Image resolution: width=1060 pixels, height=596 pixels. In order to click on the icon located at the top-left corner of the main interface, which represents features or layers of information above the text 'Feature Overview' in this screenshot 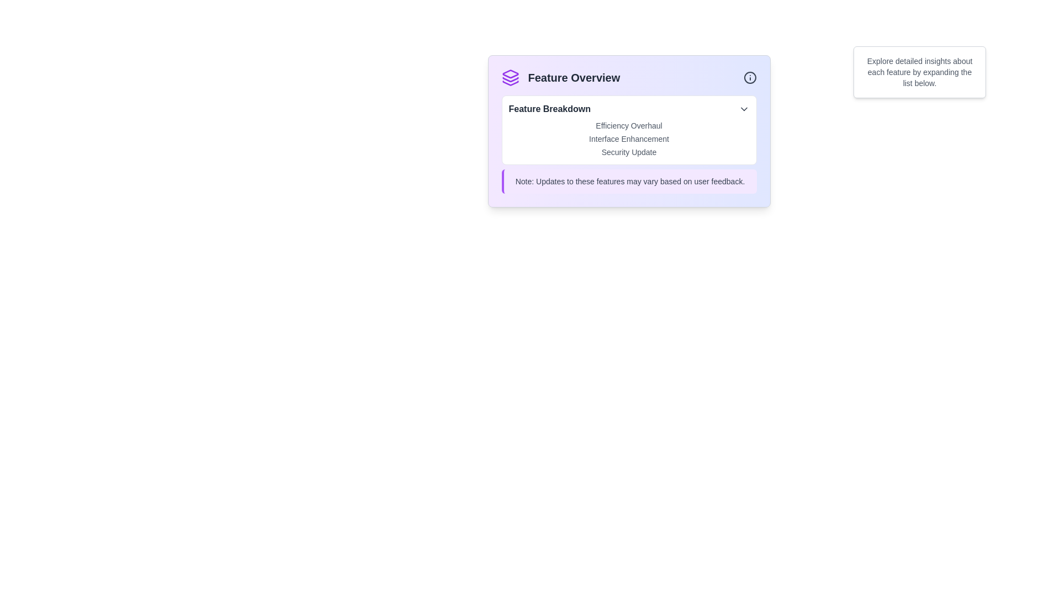, I will do `click(510, 74)`.